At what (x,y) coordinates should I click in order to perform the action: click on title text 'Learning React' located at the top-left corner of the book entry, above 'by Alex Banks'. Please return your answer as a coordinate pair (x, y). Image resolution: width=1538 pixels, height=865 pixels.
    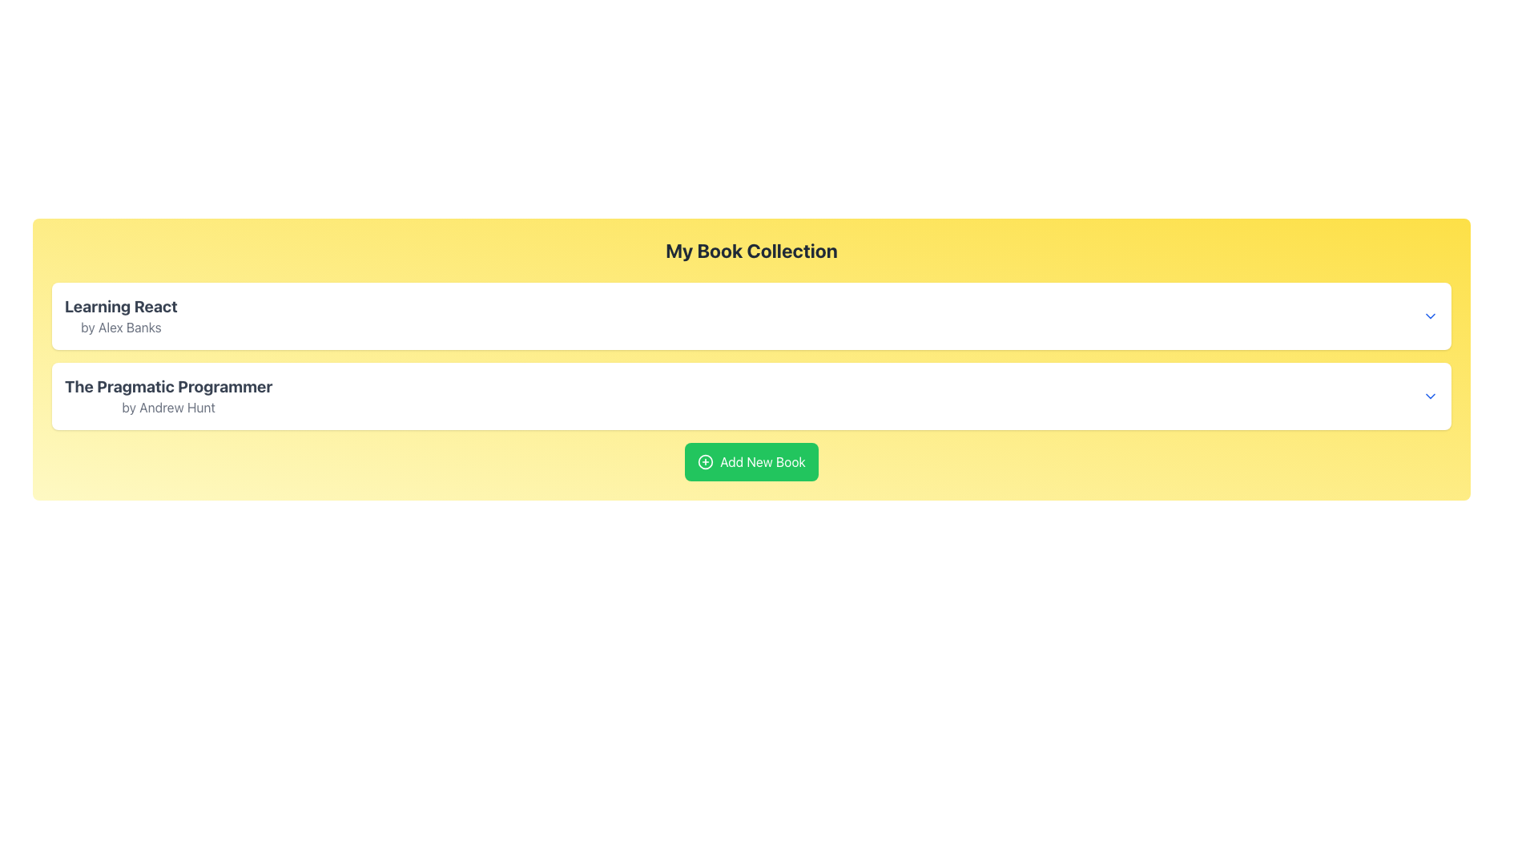
    Looking at the image, I should click on (120, 306).